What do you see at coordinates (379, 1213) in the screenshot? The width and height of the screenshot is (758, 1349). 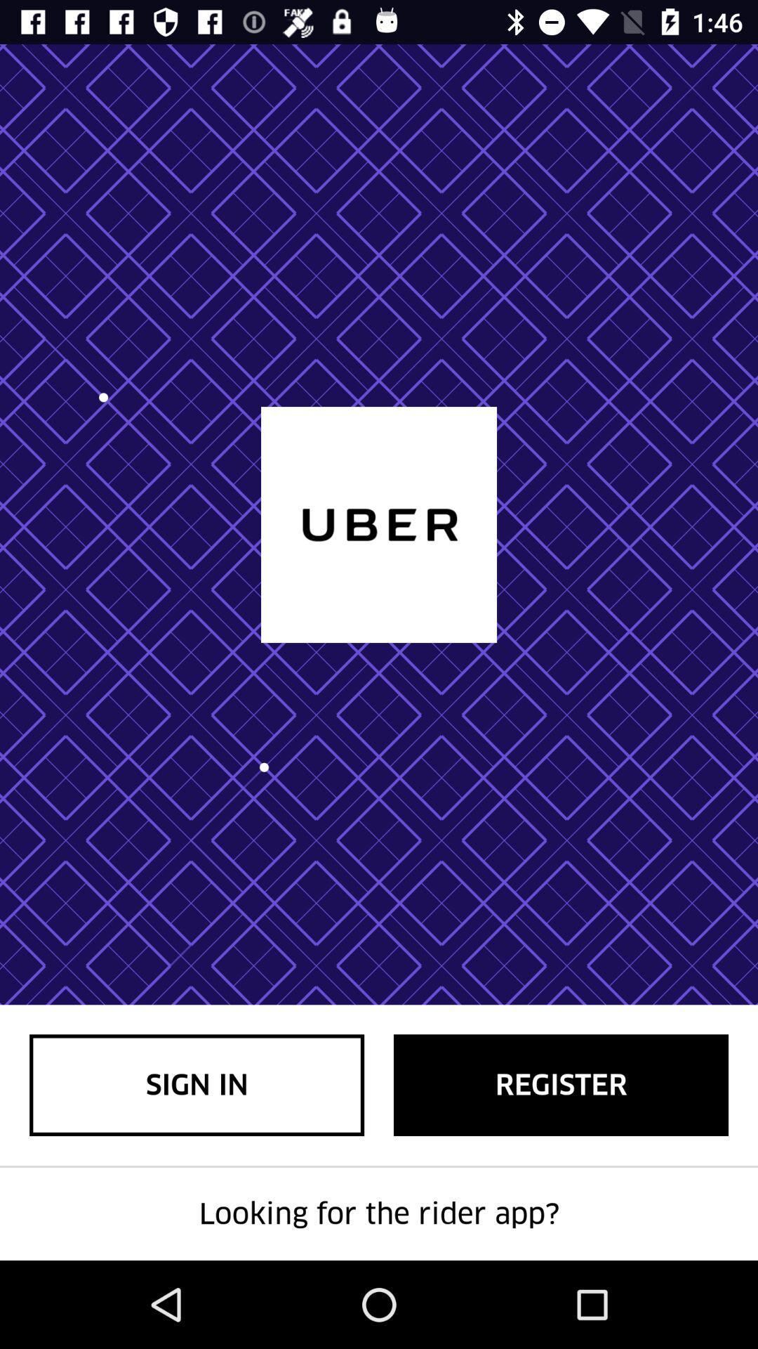 I see `looking for the icon` at bounding box center [379, 1213].